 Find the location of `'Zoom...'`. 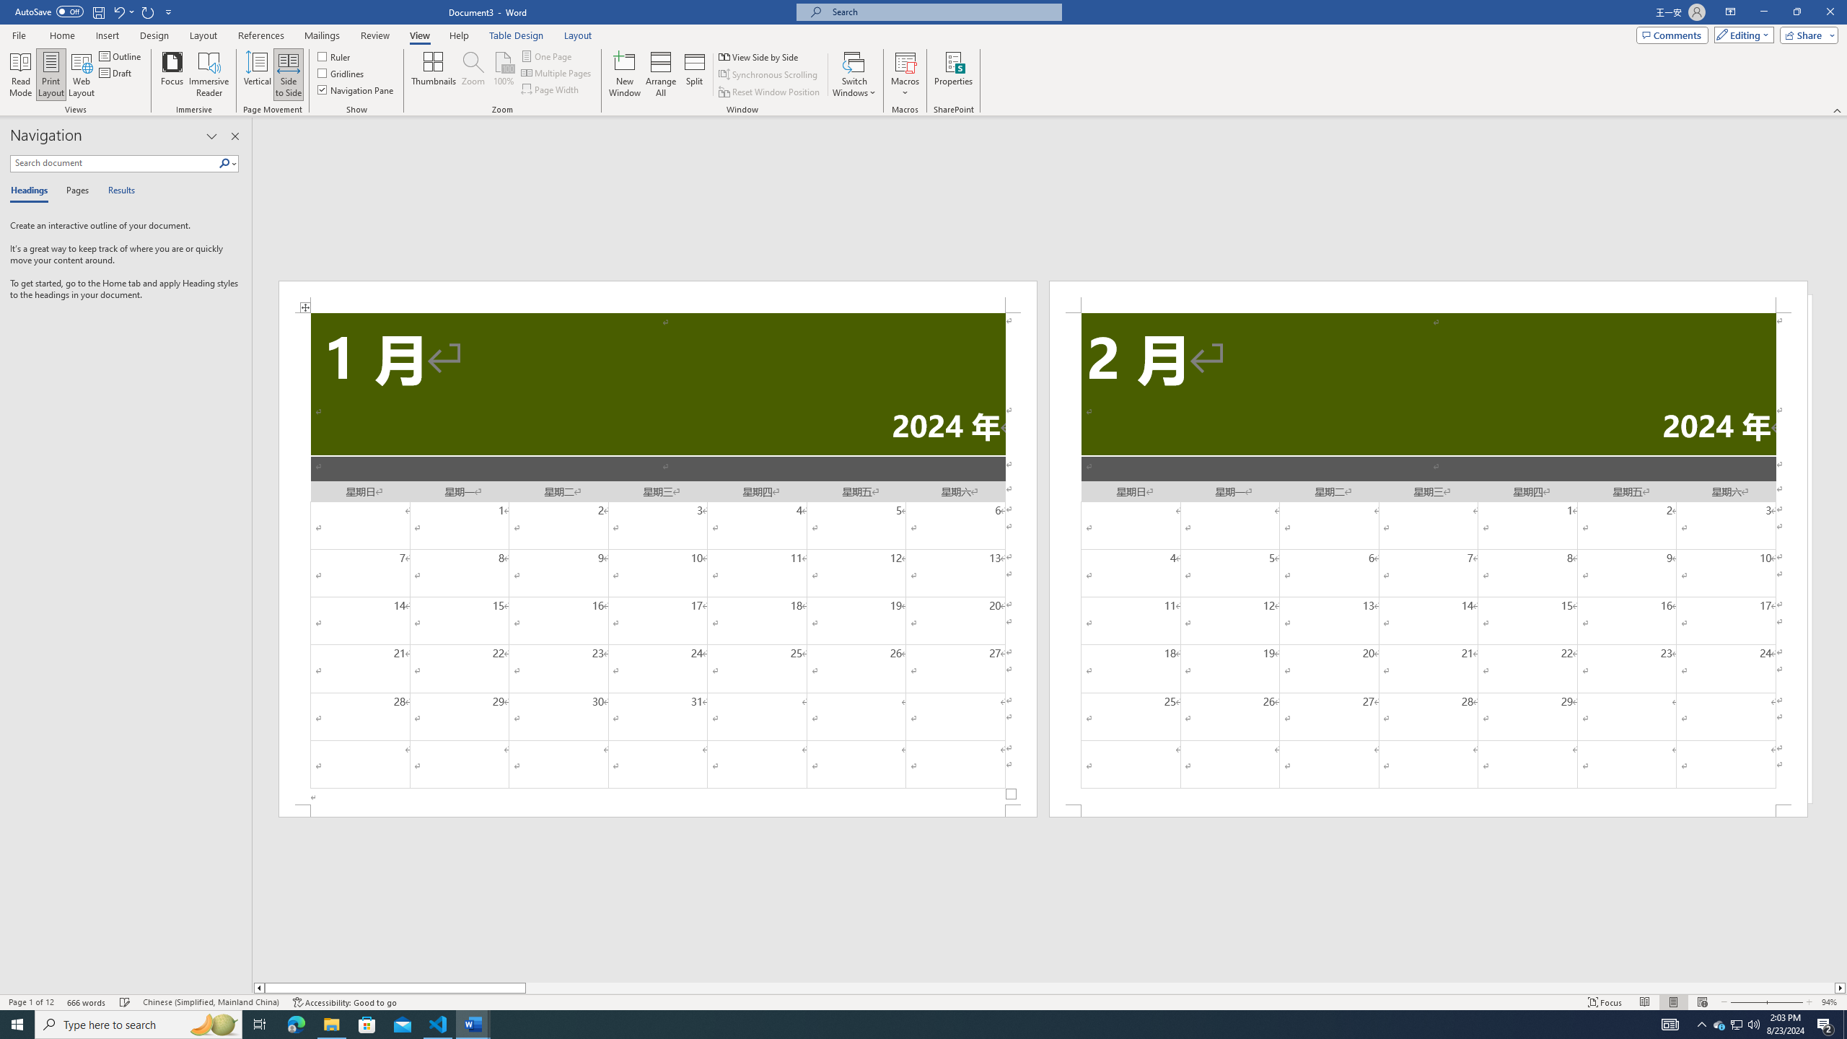

'Zoom...' is located at coordinates (473, 74).